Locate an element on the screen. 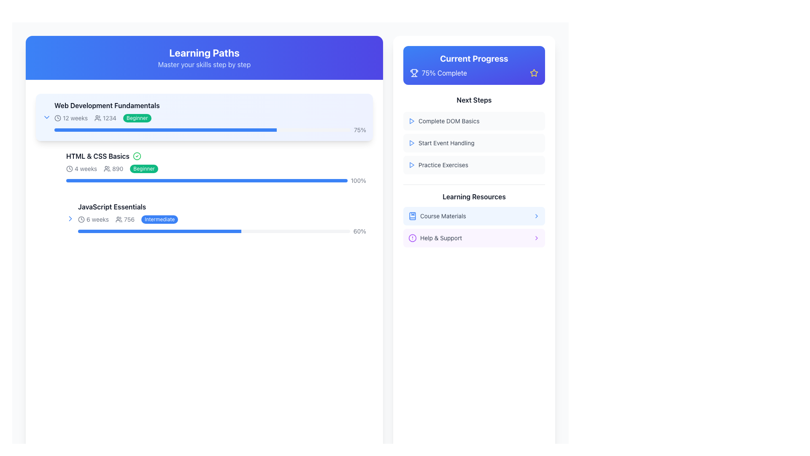  the icon located to the left of the 'Start Event Handling' text under the 'Current Progress' section is located at coordinates (411, 143).